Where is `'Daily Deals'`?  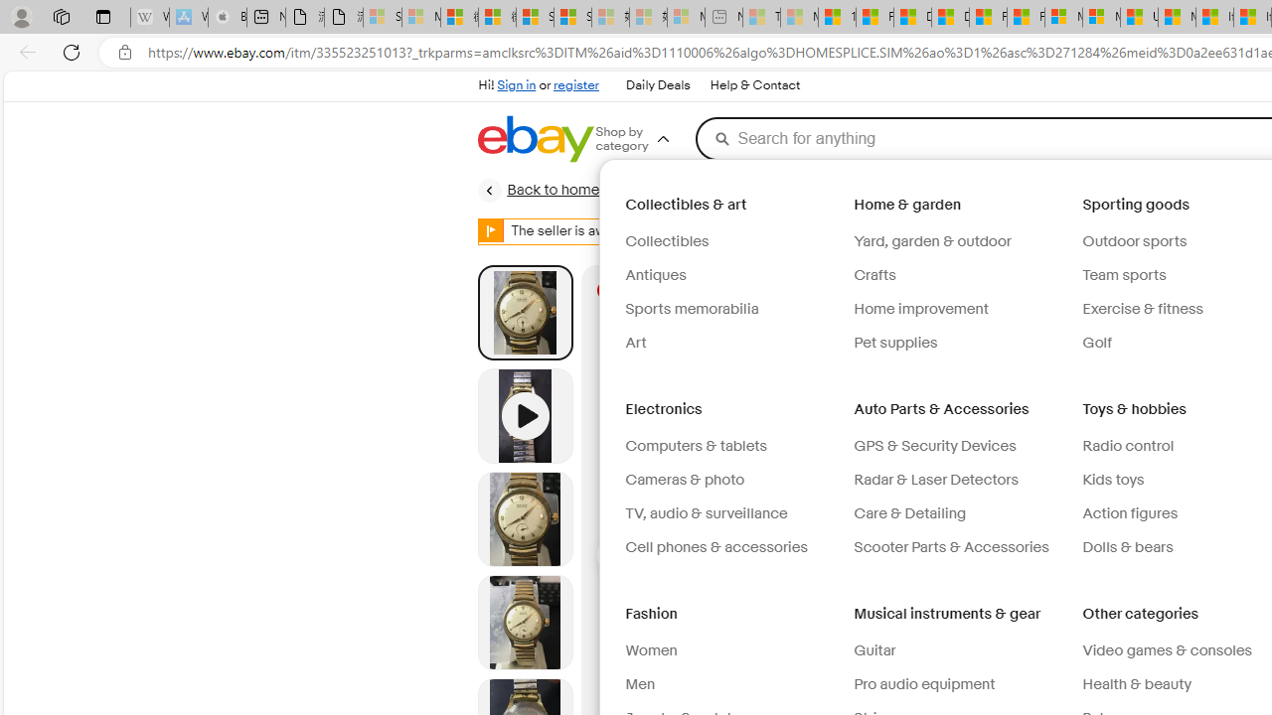
'Daily Deals' is located at coordinates (658, 85).